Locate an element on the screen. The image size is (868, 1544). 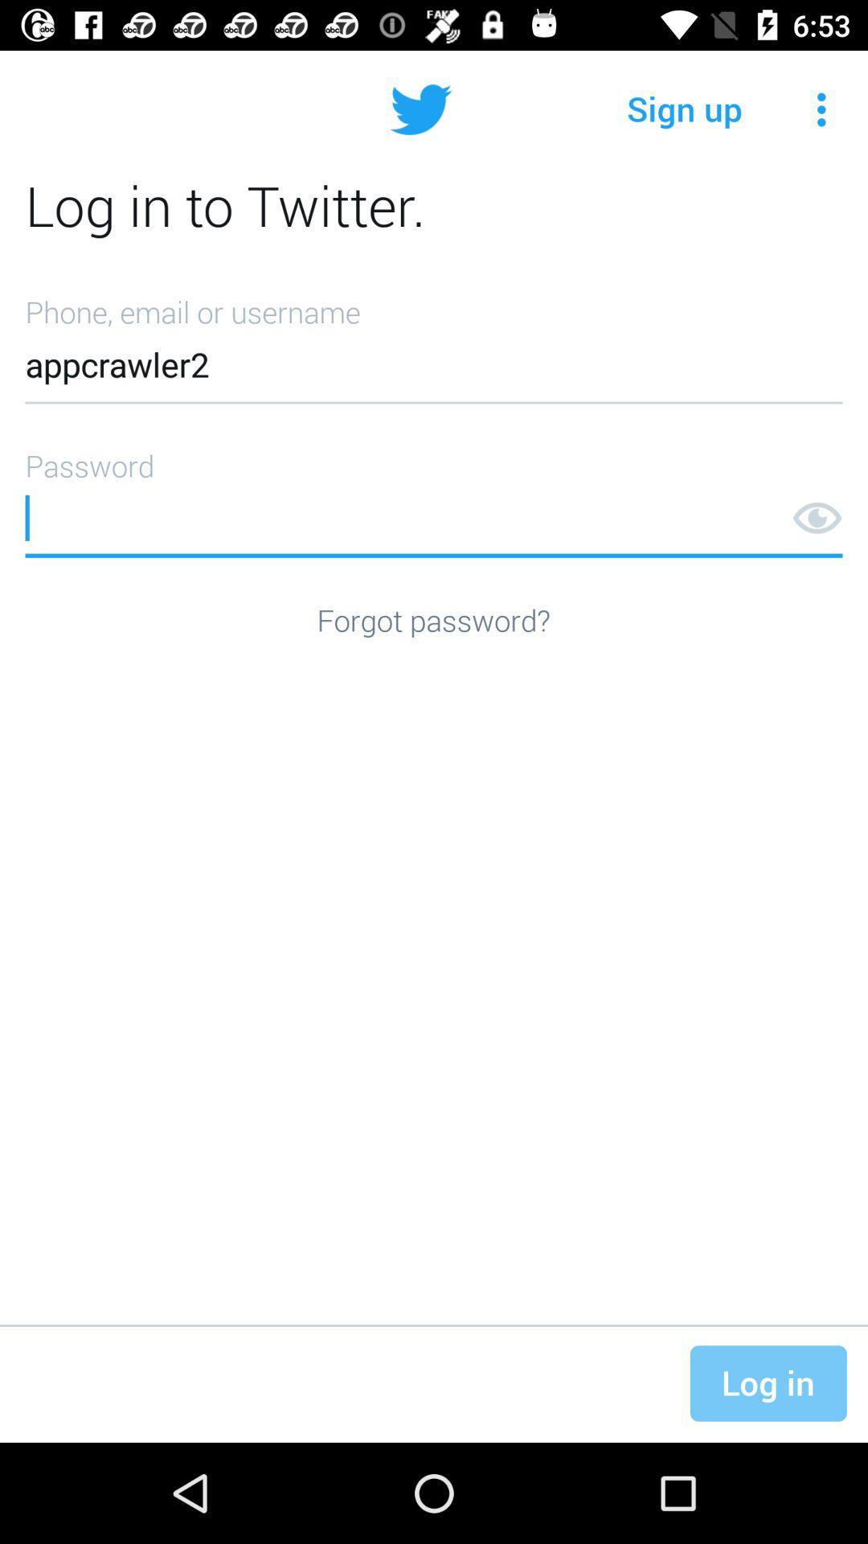
sign up icon is located at coordinates (685, 109).